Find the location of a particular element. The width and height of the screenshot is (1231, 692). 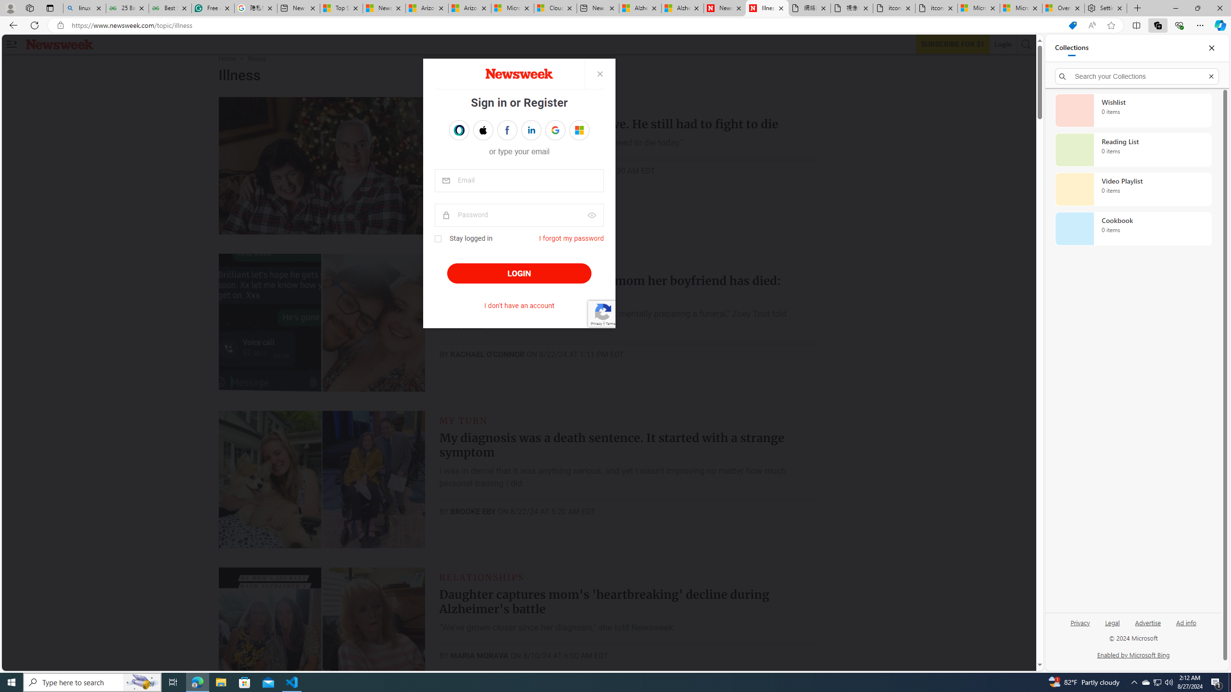

'Privacy' is located at coordinates (1080, 626).